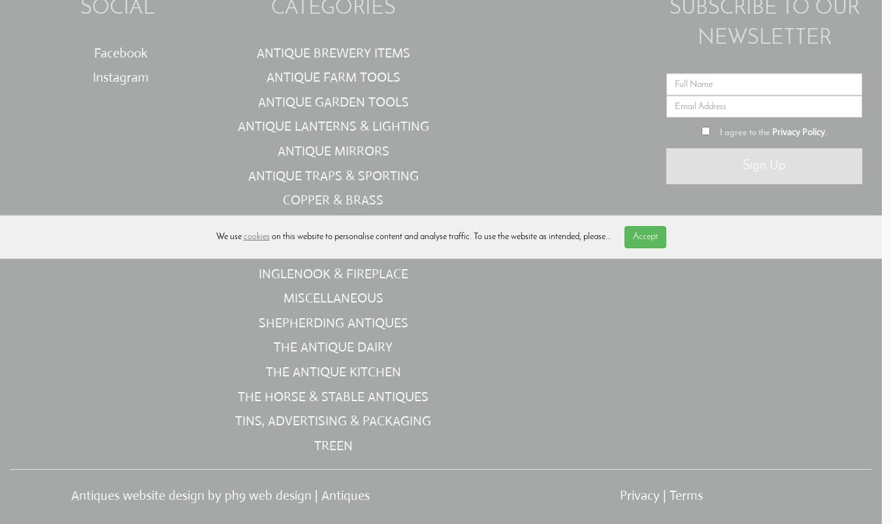 This screenshot has height=524, width=891. Describe the element at coordinates (639, 495) in the screenshot. I see `'Privacy'` at that location.